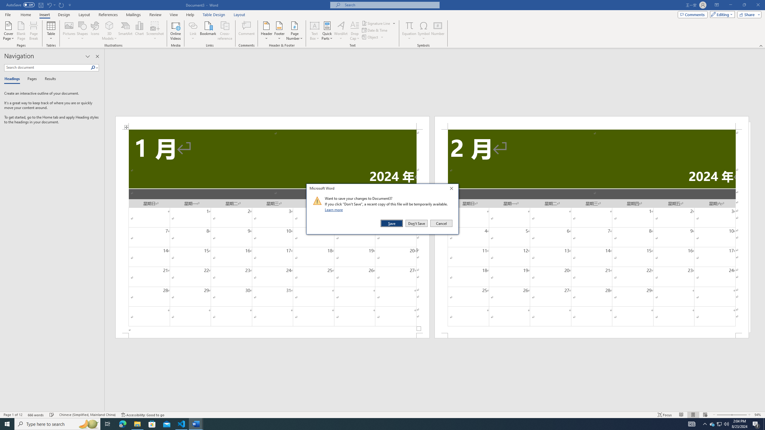 The image size is (765, 430). I want to click on 'Page Number Page 1 of 12', so click(13, 415).